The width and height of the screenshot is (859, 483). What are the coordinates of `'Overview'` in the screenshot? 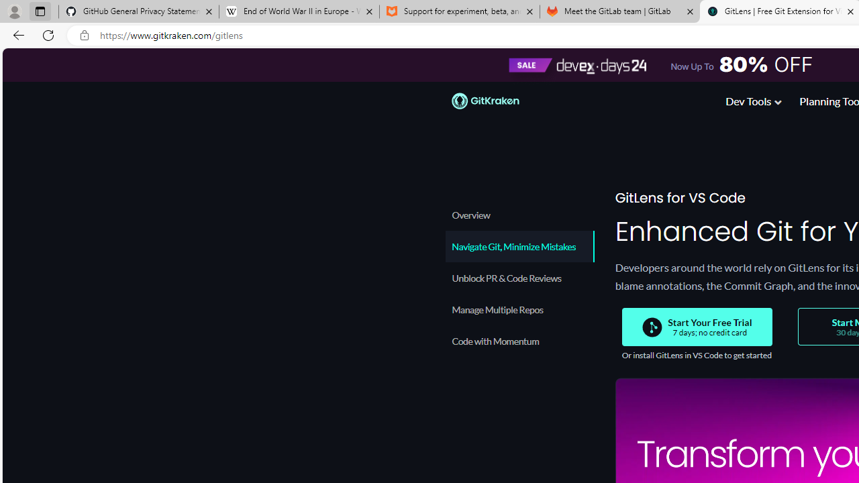 It's located at (518, 214).